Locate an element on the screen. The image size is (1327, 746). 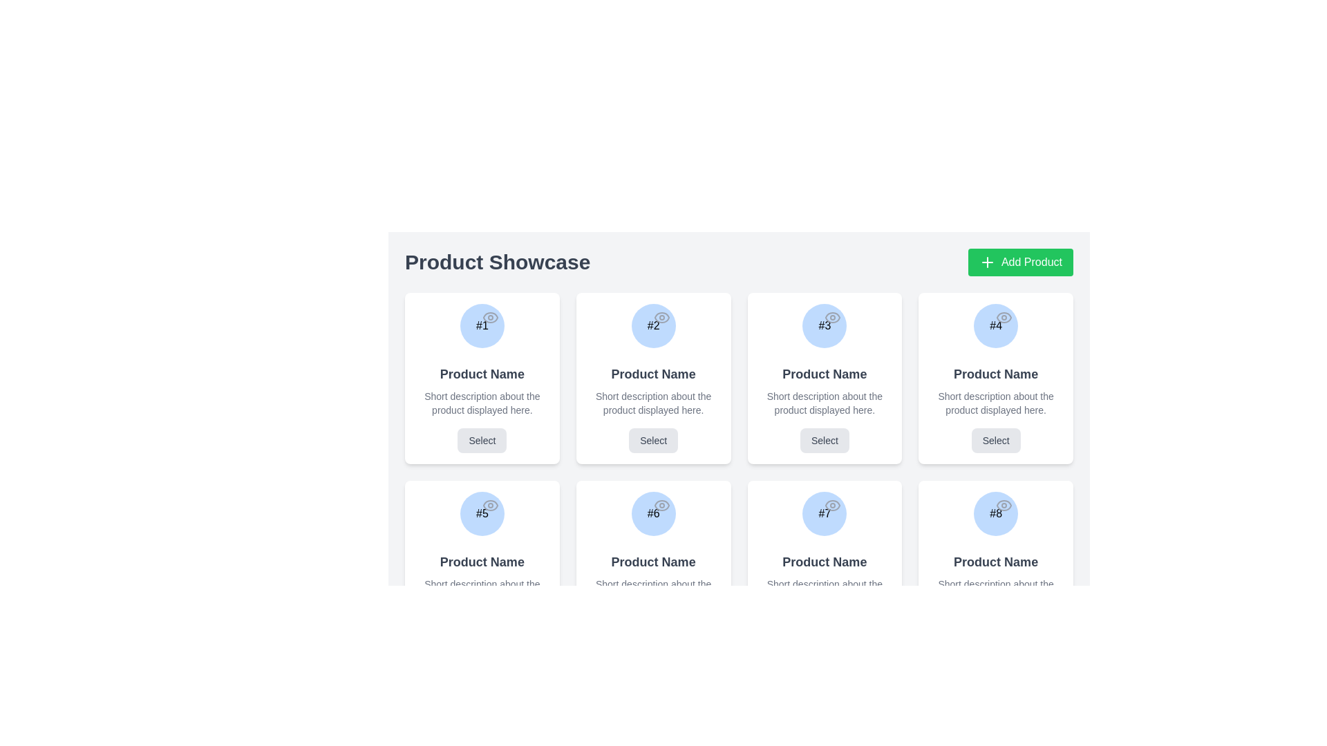
the button located in the second product card, positioned towards the bottom of the card beneath the descriptive text 'Short description about the product displayed here.' is located at coordinates (652, 440).